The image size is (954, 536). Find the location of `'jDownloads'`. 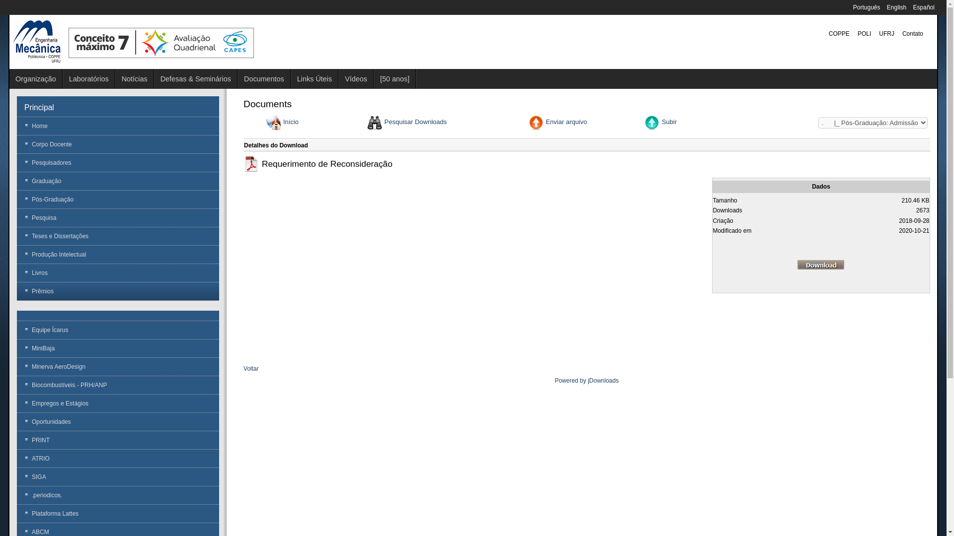

'jDownloads' is located at coordinates (603, 380).